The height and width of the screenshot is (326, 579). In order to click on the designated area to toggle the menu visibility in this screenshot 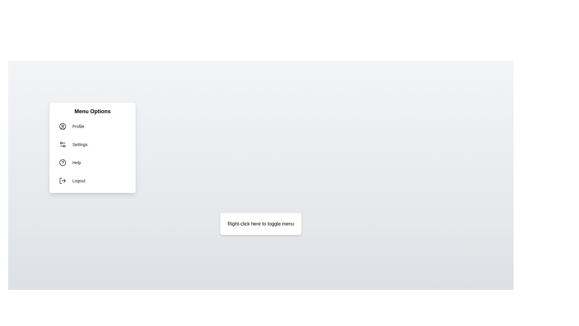, I will do `click(261, 224)`.